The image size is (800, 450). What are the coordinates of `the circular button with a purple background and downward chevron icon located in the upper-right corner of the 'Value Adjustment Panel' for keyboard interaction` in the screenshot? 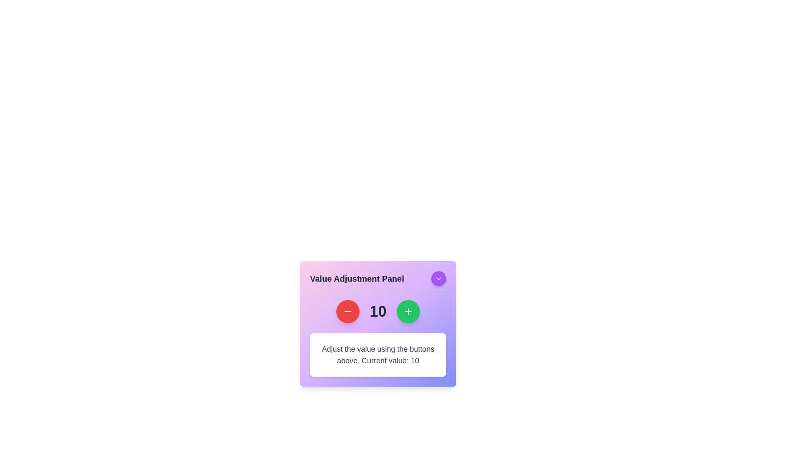 It's located at (438, 278).